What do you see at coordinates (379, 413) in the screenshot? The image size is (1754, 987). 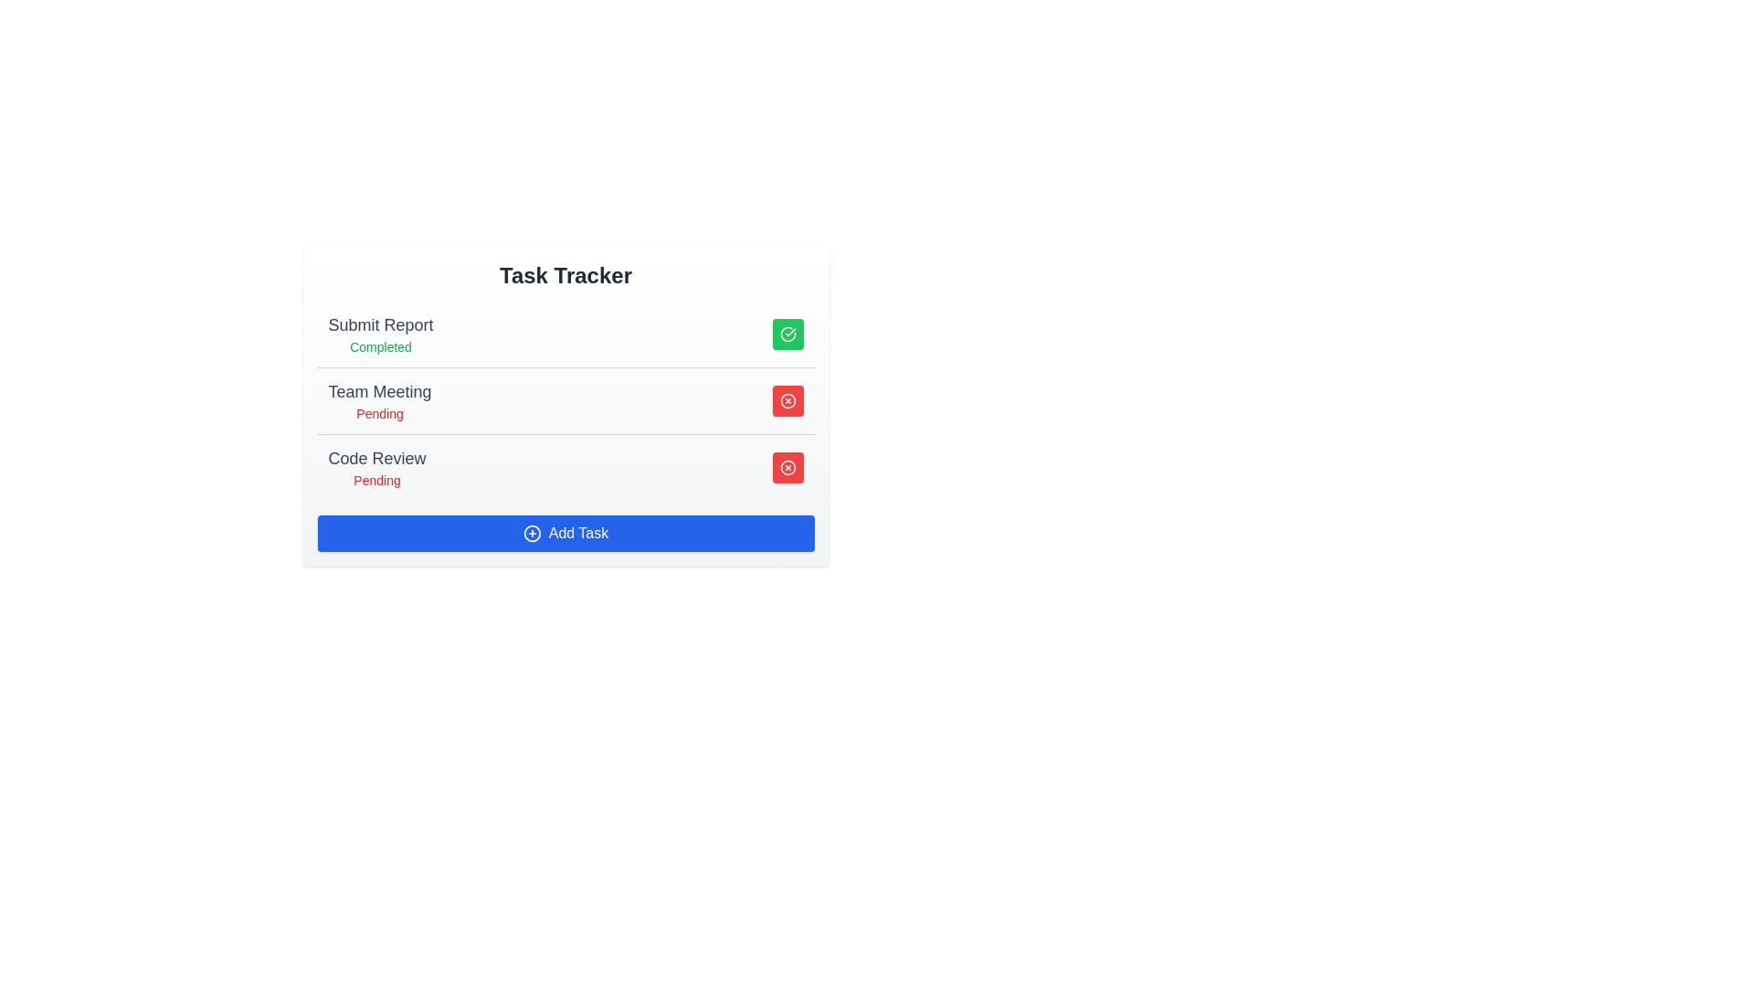 I see `the 'Pending' status indicator text label located beneath the 'Team Meeting' label in the task list interface` at bounding box center [379, 413].